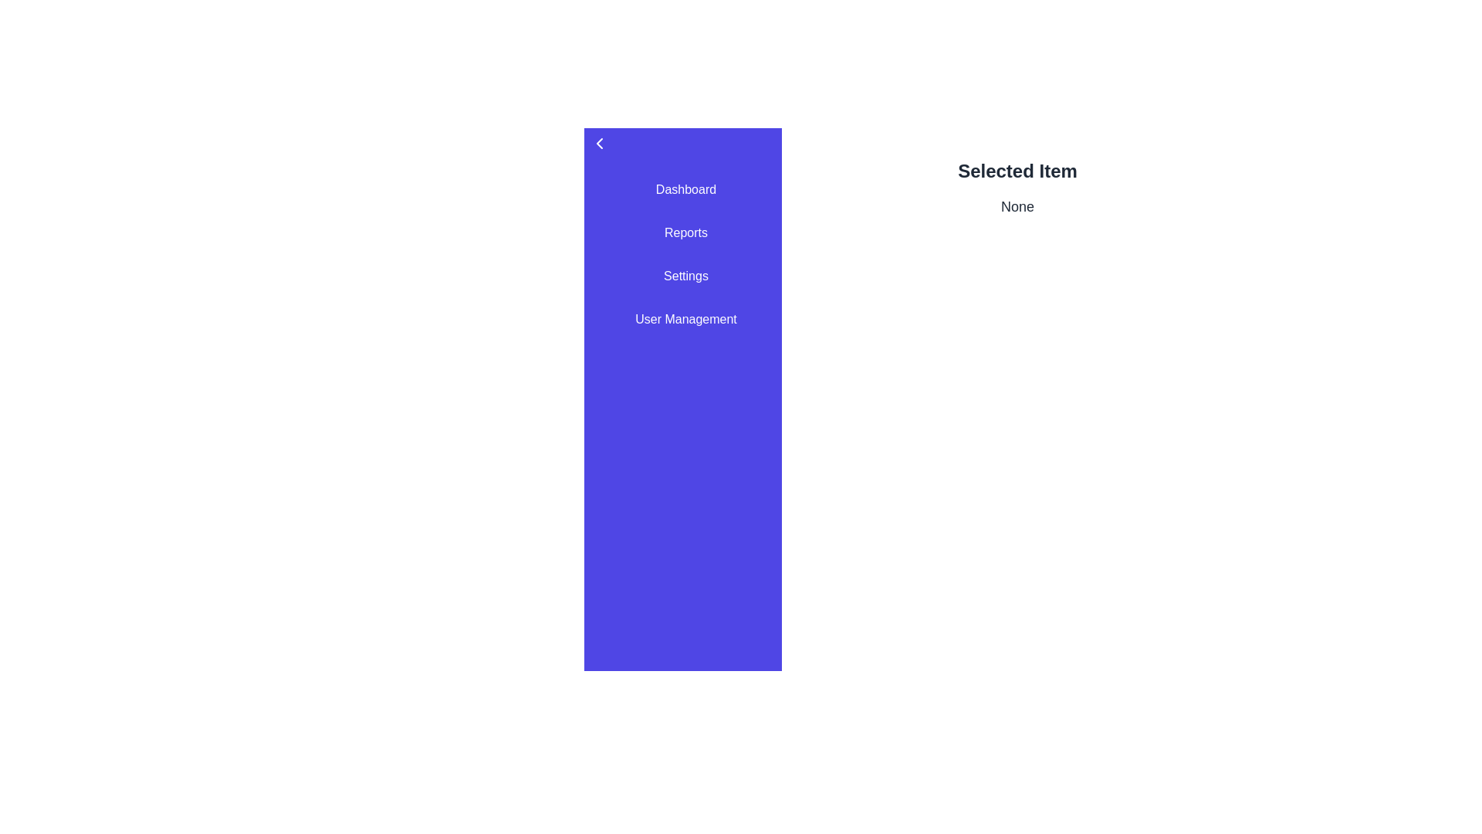 The width and height of the screenshot is (1482, 834). What do you see at coordinates (685, 276) in the screenshot?
I see `the third button in the vertical list of sidebar buttons located between the 'Reports' and 'User Management' buttons` at bounding box center [685, 276].